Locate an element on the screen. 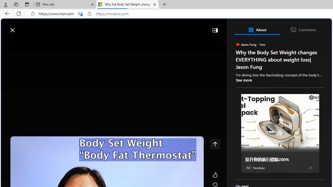 Image resolution: width=333 pixels, height=187 pixels. 'About' is located at coordinates (257, 30).